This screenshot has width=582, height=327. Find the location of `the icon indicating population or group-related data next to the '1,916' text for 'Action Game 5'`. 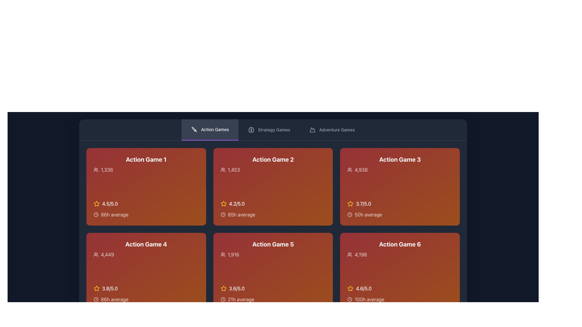

the icon indicating population or group-related data next to the '1,916' text for 'Action Game 5' is located at coordinates (222, 254).